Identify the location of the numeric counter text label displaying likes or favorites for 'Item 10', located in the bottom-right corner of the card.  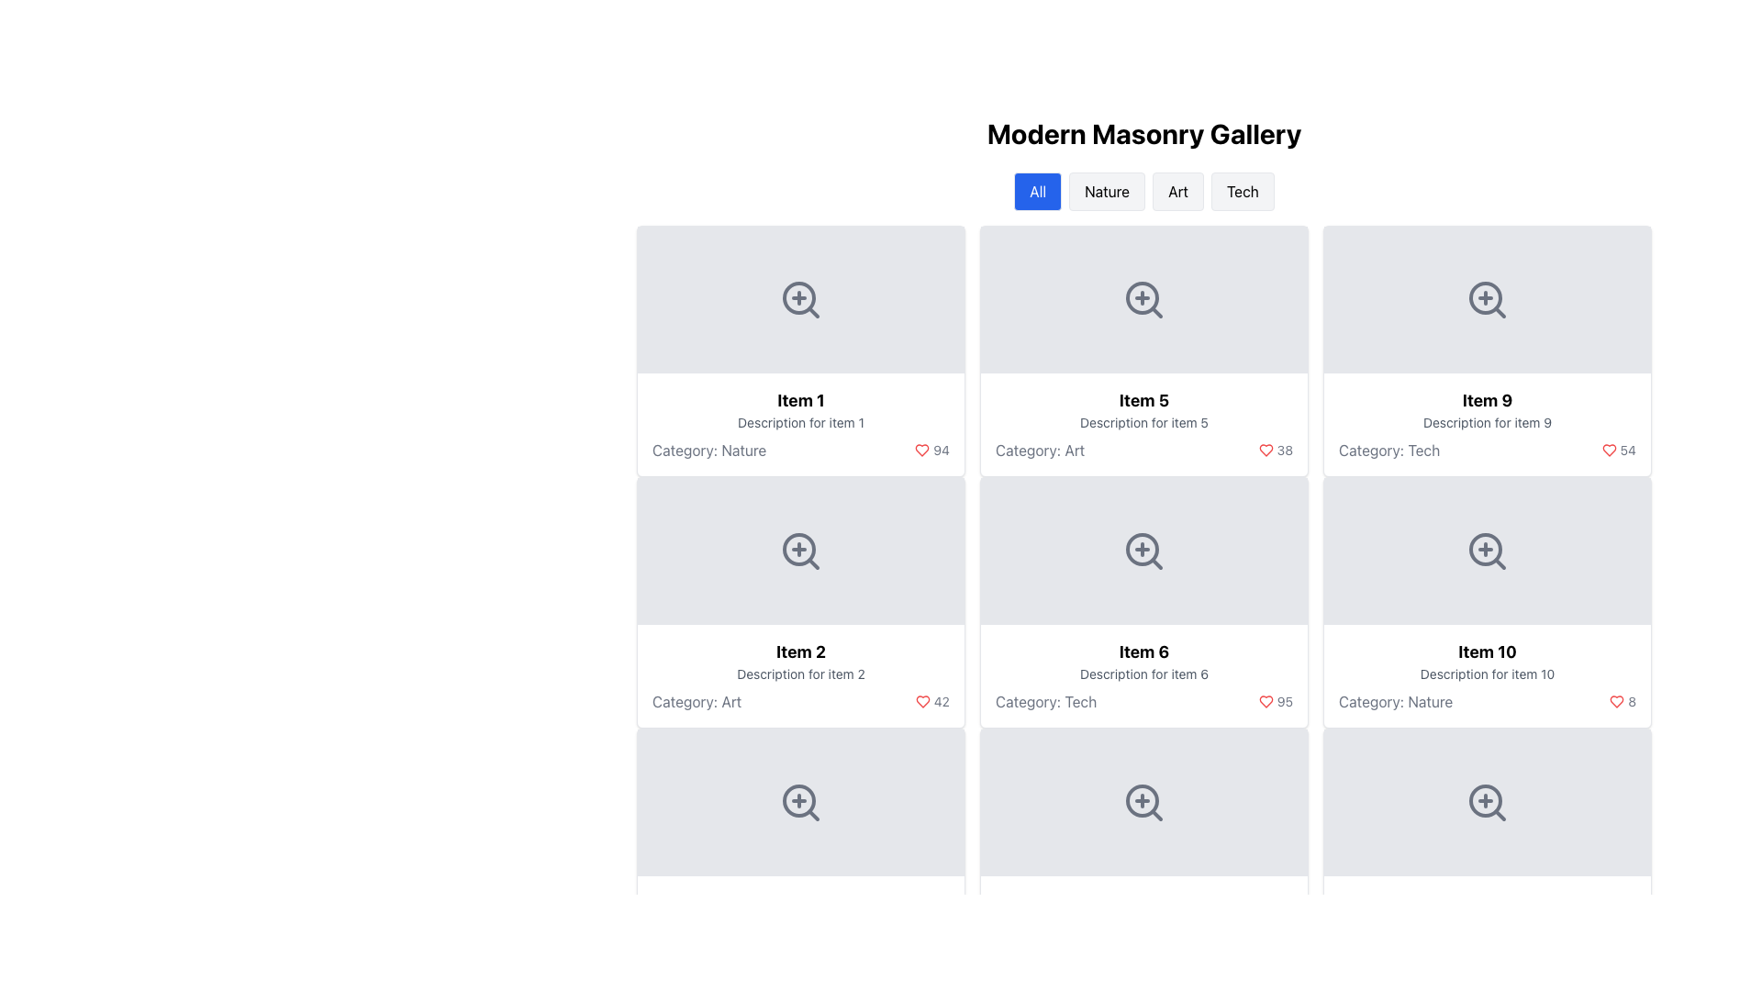
(1632, 701).